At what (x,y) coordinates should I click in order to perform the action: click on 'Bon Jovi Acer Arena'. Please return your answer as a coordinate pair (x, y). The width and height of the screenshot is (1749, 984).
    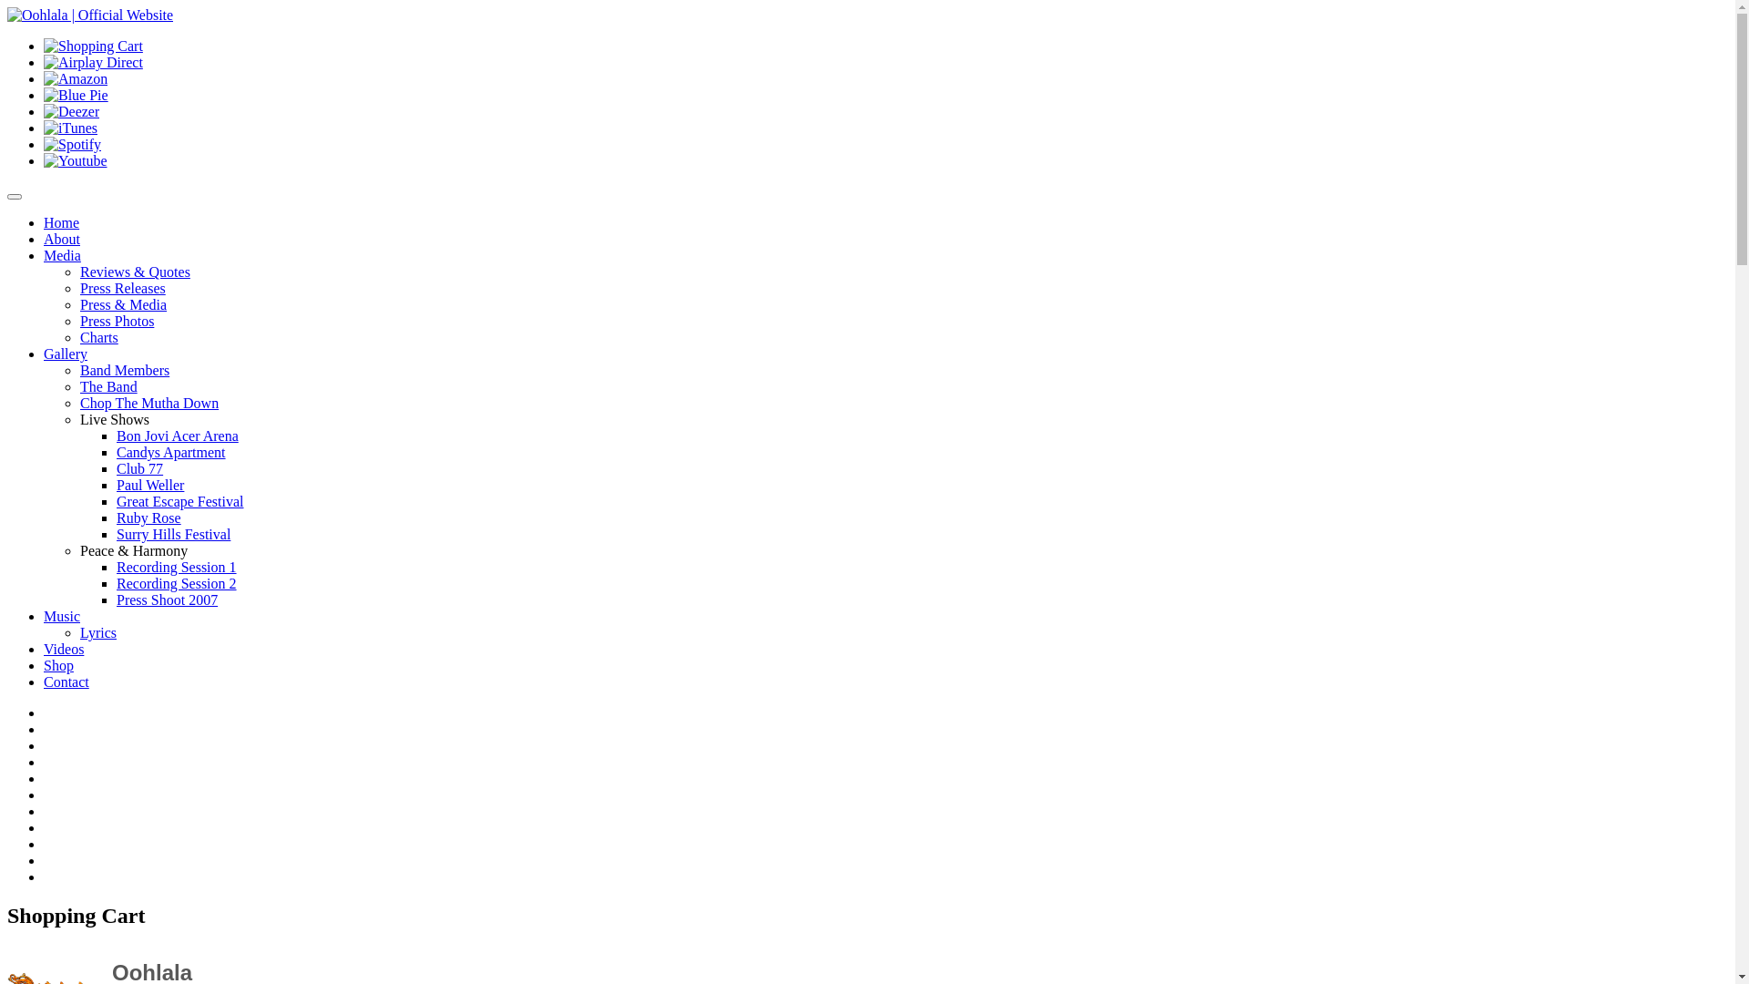
    Looking at the image, I should click on (178, 436).